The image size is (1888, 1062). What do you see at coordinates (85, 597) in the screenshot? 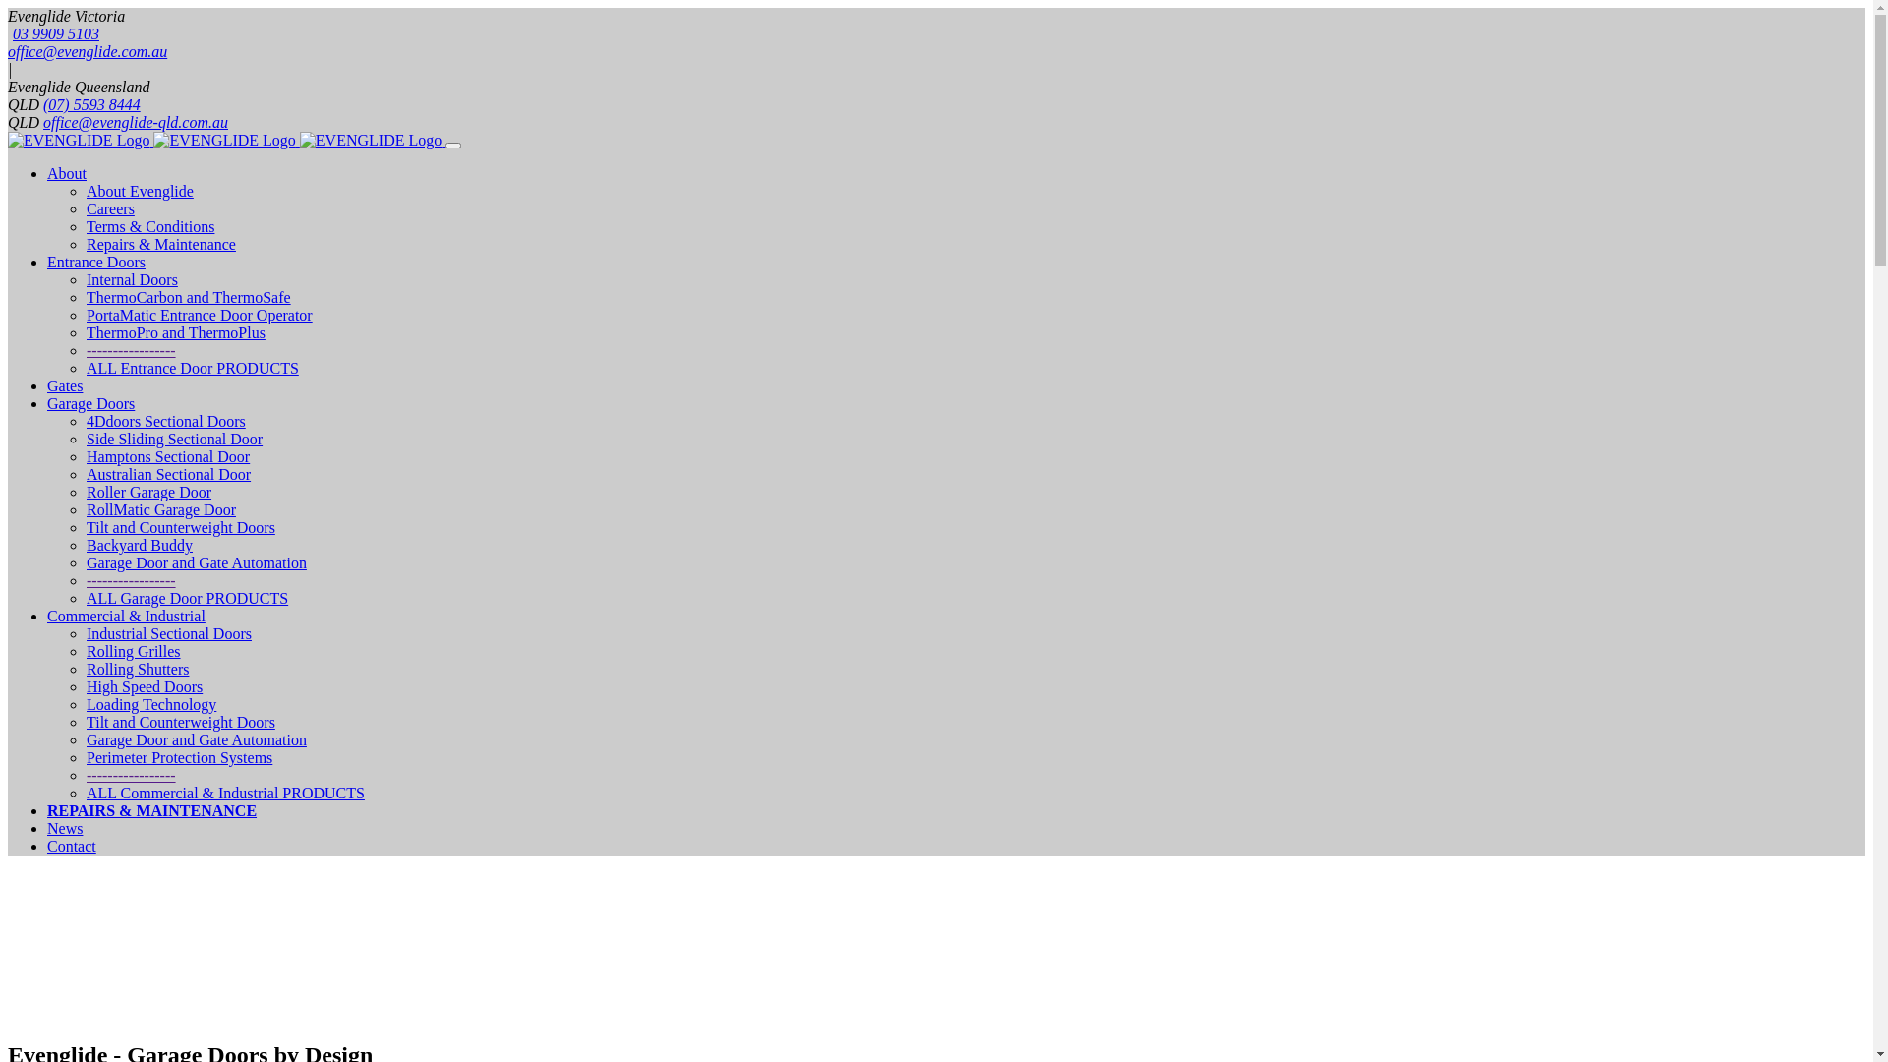
I see `'ALL Garage Door PRODUCTS'` at bounding box center [85, 597].